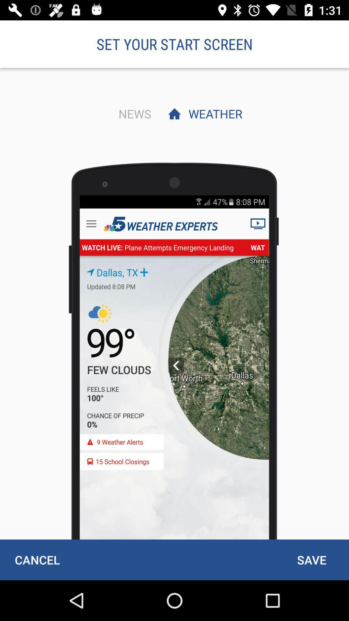 This screenshot has width=349, height=621. What do you see at coordinates (133, 114) in the screenshot?
I see `the item next to the weather` at bounding box center [133, 114].